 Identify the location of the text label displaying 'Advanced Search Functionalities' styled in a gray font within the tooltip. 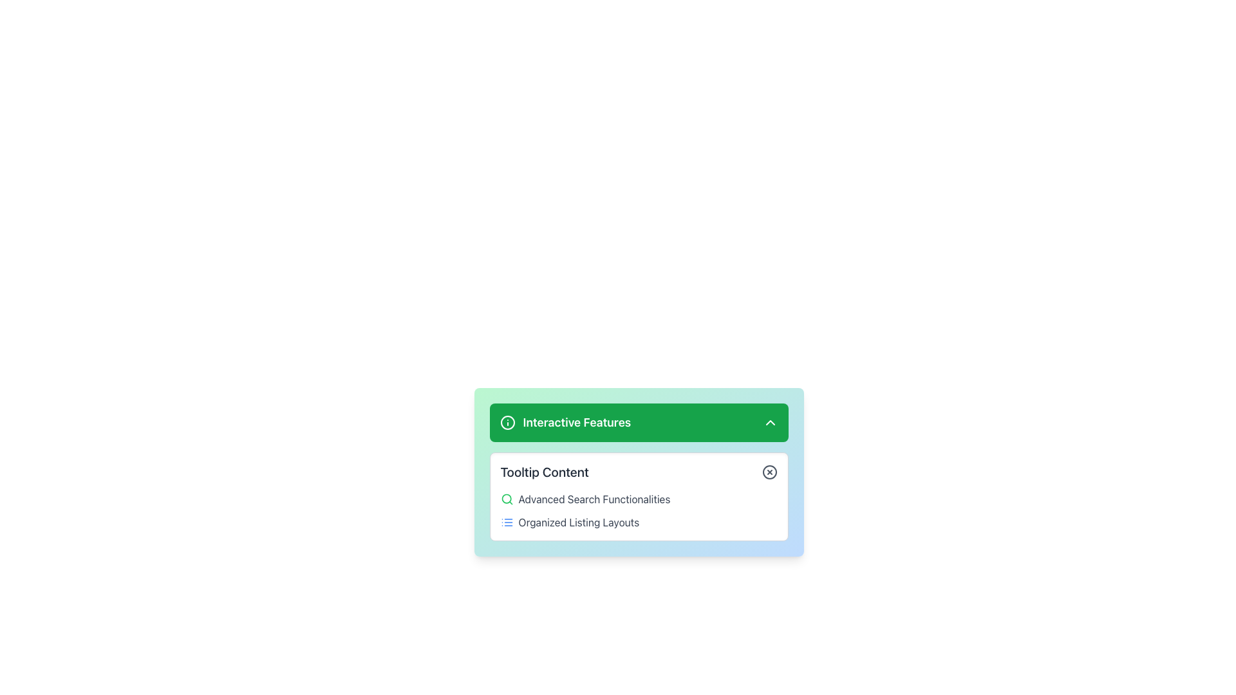
(594, 498).